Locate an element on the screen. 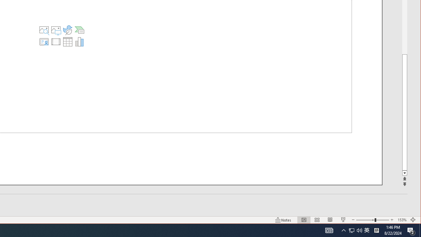  'Q2790: 100%' is located at coordinates (366, 230).